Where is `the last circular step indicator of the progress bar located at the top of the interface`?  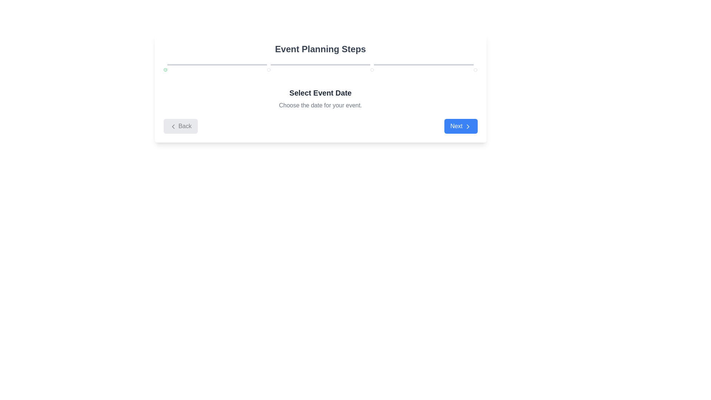
the last circular step indicator of the progress bar located at the top of the interface is located at coordinates (475, 70).